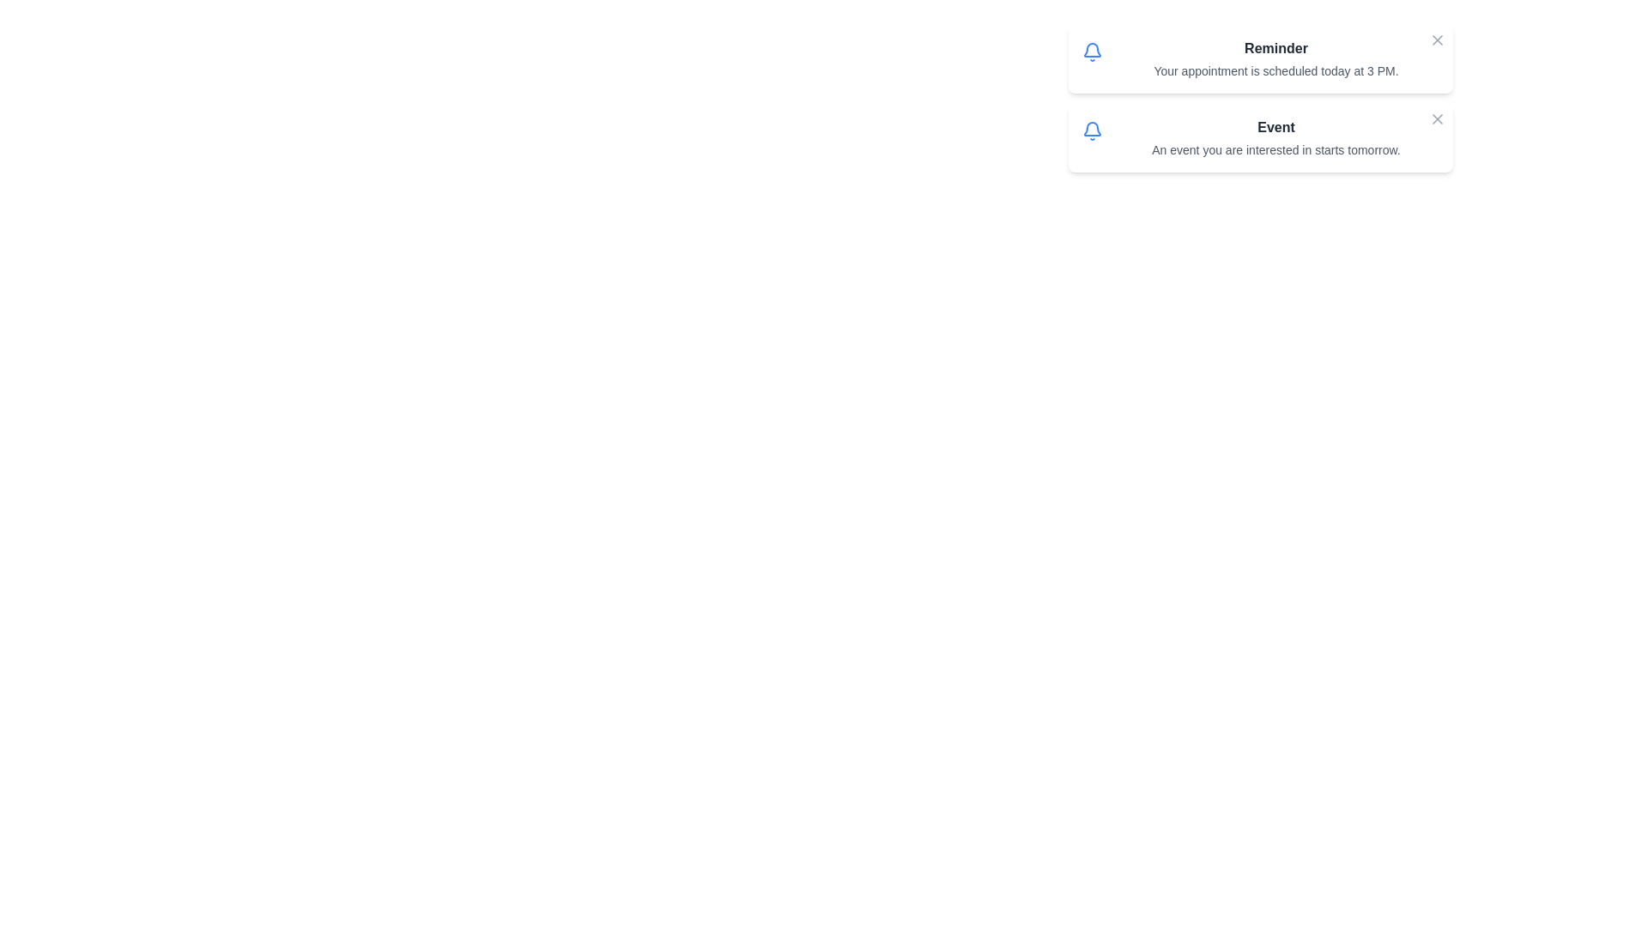  I want to click on the text label displaying 'Your appointment is scheduled today at 3 PM.' which is located below the 'Reminder' title in the notification card, so click(1276, 70).